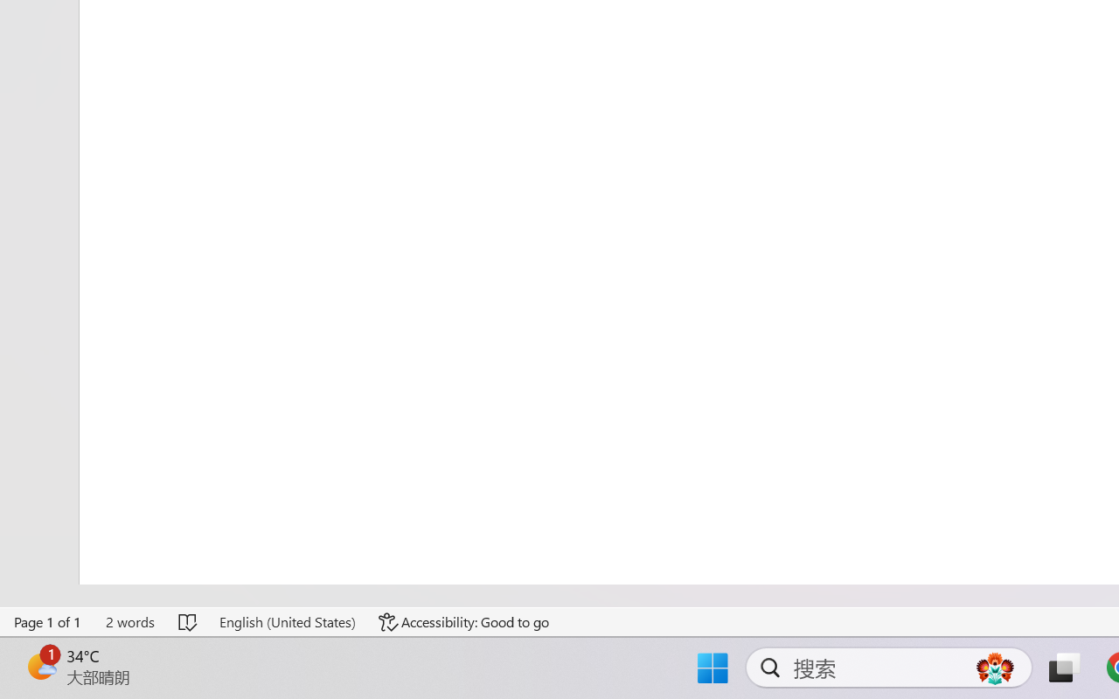  Describe the element at coordinates (189, 621) in the screenshot. I see `'Spelling and Grammar Check No Errors'` at that location.